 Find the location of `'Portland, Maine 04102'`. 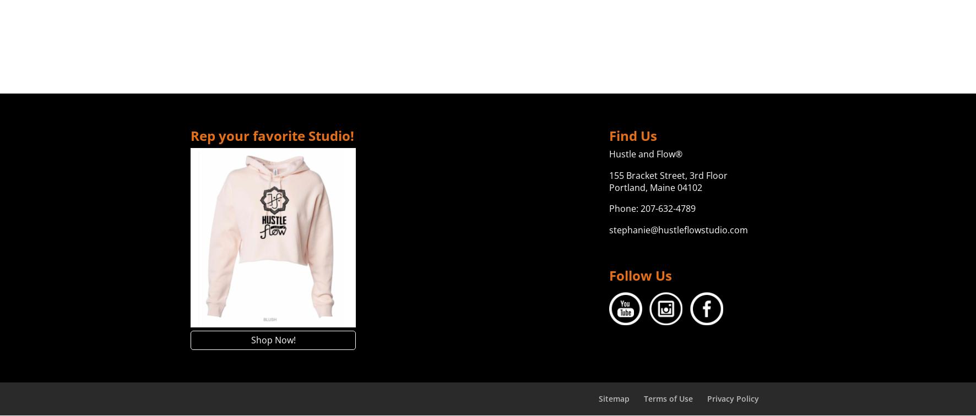

'Portland, Maine 04102' is located at coordinates (654, 187).